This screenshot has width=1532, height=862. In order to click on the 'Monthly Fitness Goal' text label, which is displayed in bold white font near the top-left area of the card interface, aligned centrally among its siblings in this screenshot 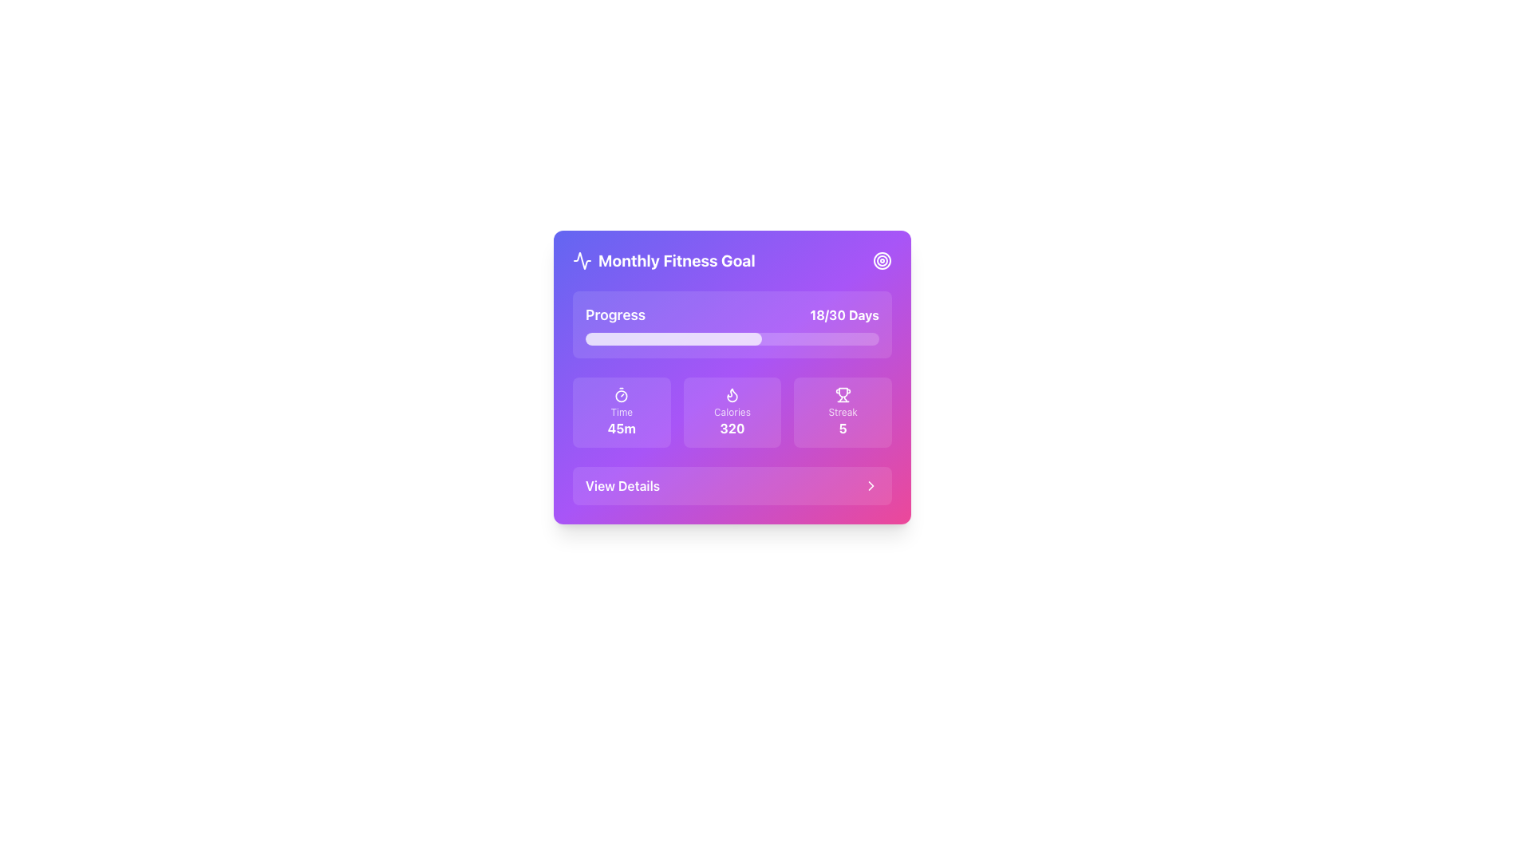, I will do `click(677, 260)`.